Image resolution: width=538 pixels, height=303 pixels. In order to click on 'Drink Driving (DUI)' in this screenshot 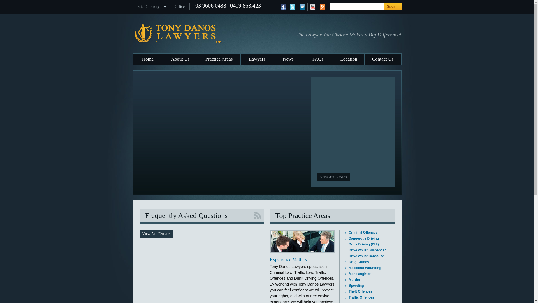, I will do `click(363, 244)`.